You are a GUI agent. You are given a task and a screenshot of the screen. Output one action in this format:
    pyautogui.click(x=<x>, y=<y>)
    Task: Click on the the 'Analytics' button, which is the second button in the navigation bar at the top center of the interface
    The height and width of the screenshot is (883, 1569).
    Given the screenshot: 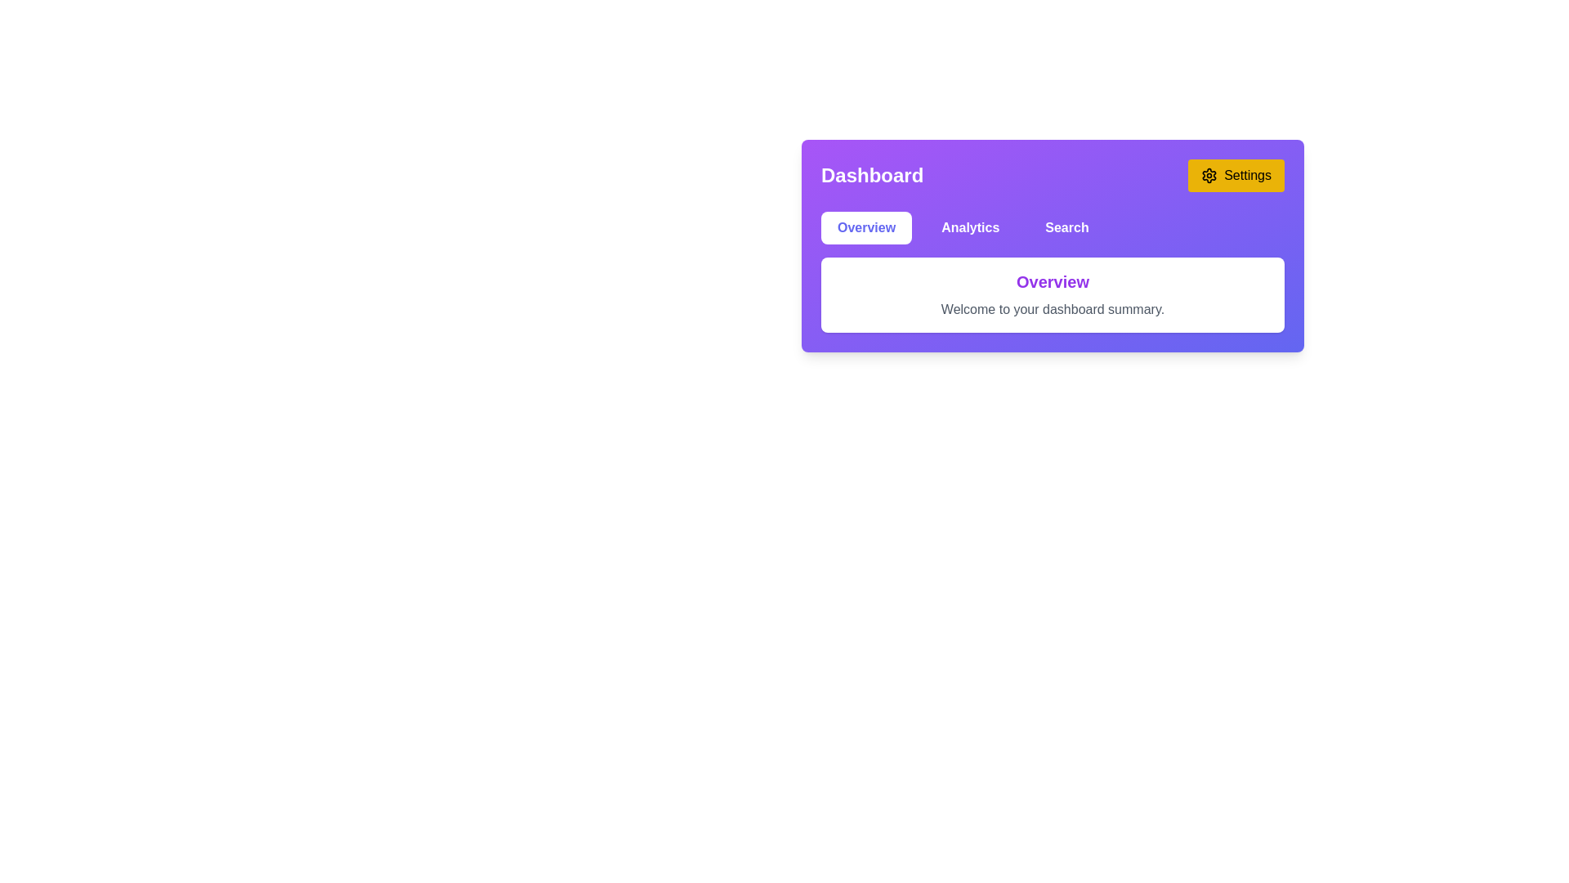 What is the action you would take?
    pyautogui.click(x=970, y=227)
    